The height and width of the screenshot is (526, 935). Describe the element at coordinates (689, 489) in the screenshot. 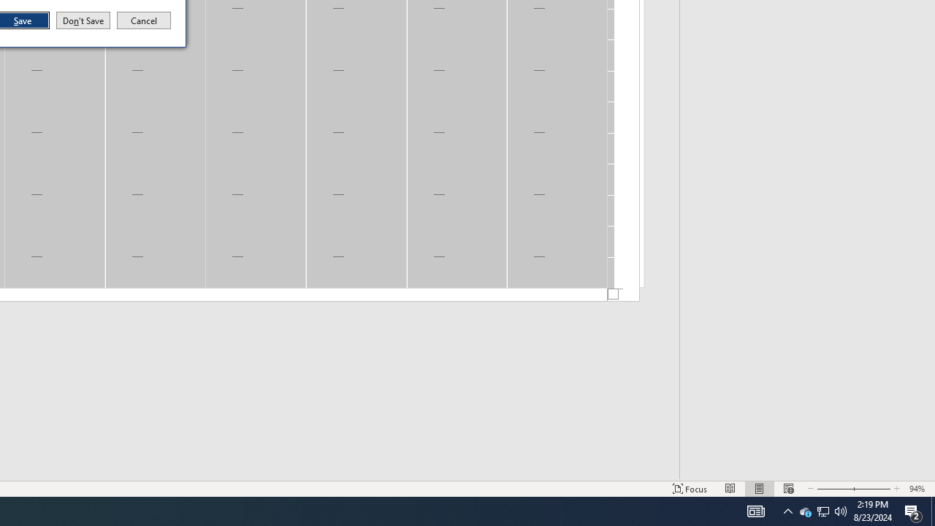

I see `'Focus '` at that location.